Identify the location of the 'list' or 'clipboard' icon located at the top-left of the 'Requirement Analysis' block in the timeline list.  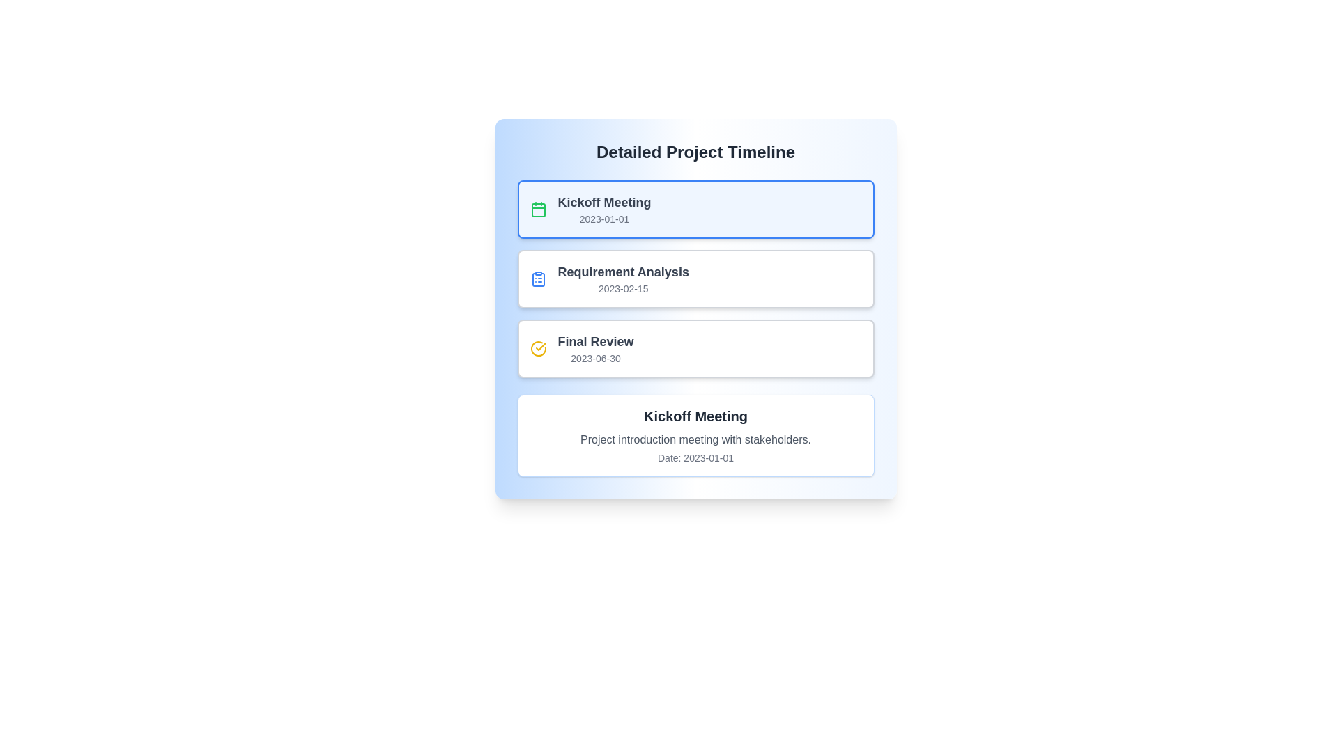
(537, 279).